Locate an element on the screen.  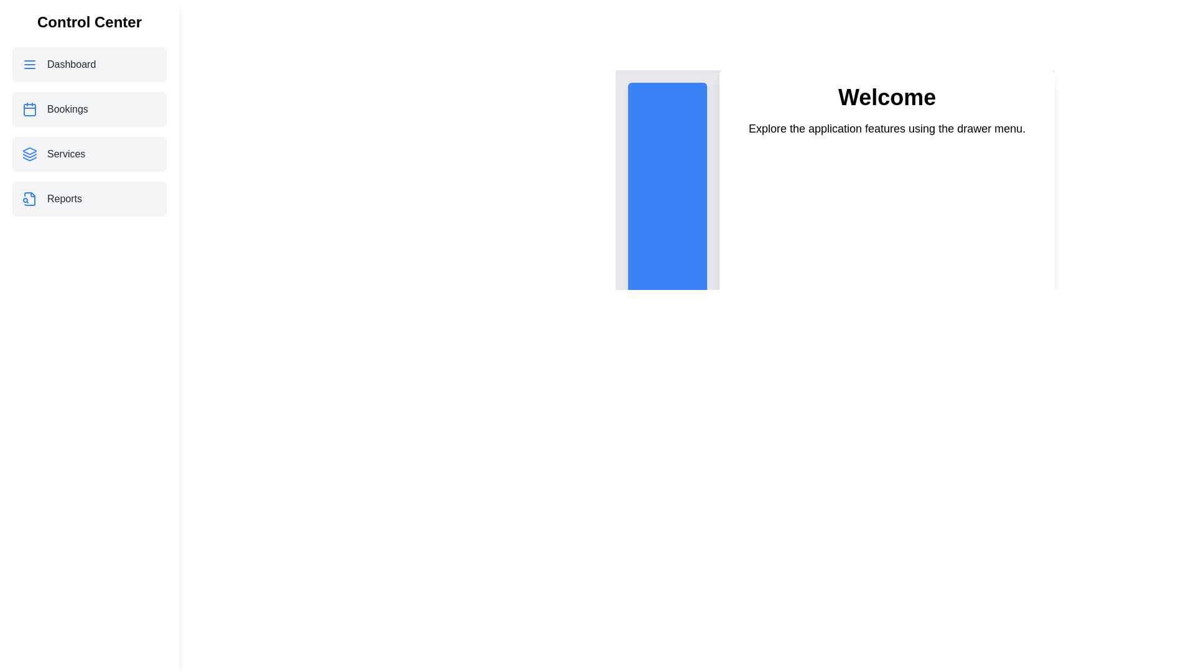
the menu item Services from the drawer is located at coordinates (89, 153).